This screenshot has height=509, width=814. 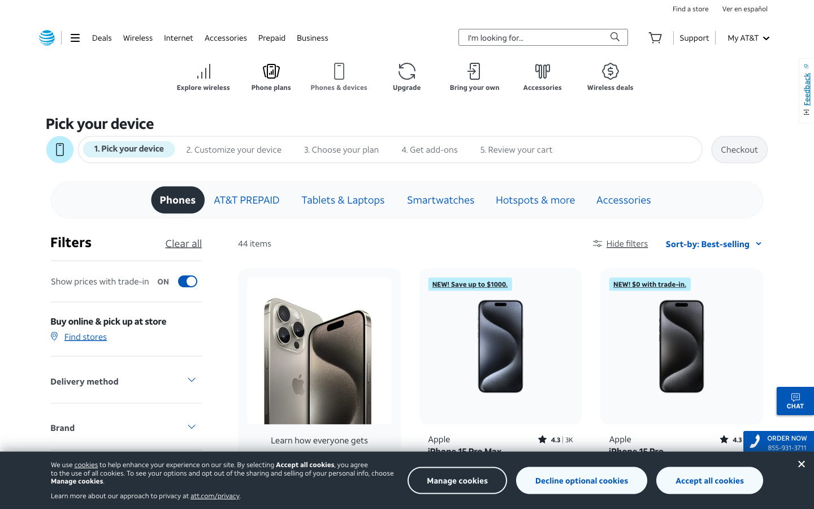 I want to click on Redirect to find a store nearby, so click(x=690, y=8).